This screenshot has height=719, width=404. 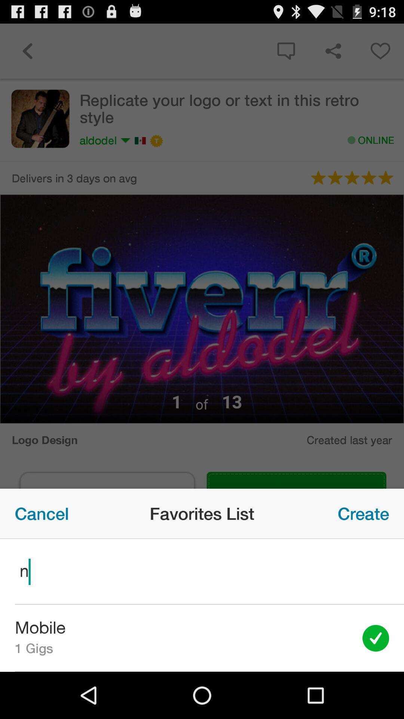 I want to click on the n, so click(x=202, y=571).